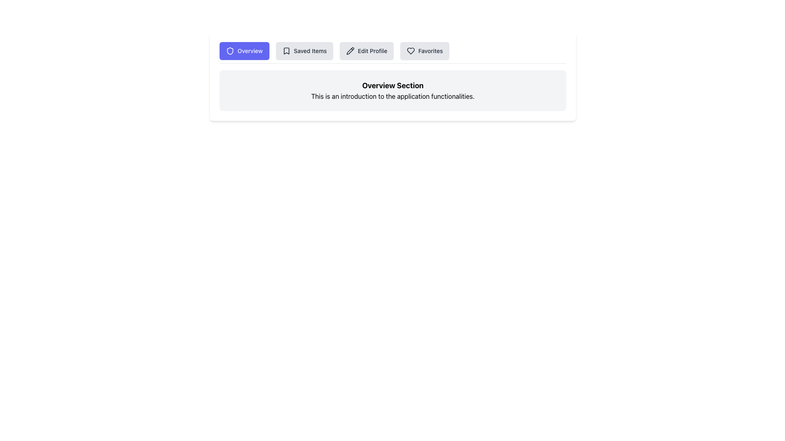 This screenshot has height=441, width=785. I want to click on the navigation button labeled 'Saved Items', so click(304, 51).